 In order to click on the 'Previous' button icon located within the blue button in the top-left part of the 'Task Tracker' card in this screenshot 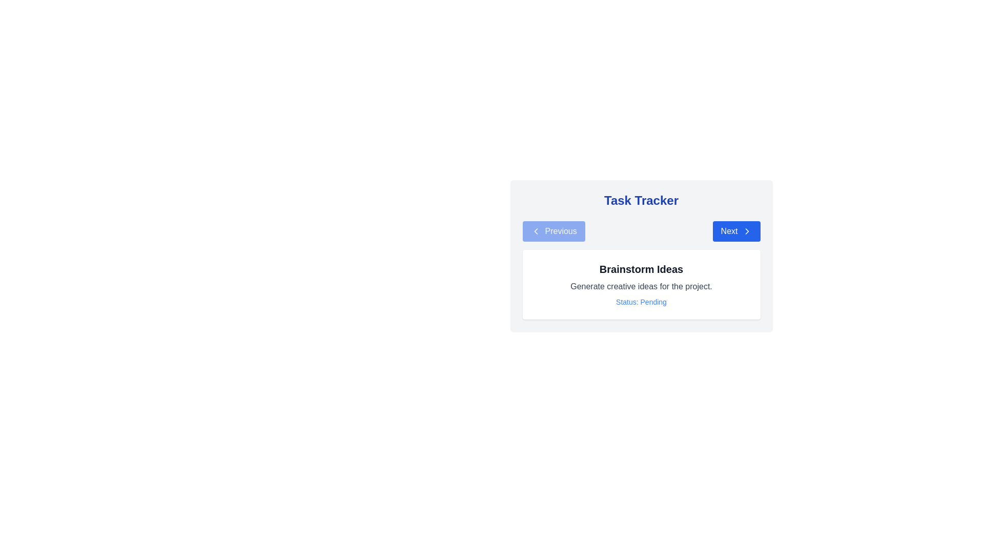, I will do `click(535, 231)`.